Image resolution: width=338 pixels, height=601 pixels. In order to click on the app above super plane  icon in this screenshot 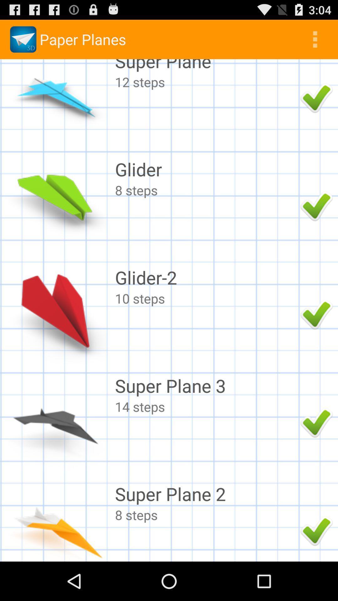, I will do `click(315, 39)`.